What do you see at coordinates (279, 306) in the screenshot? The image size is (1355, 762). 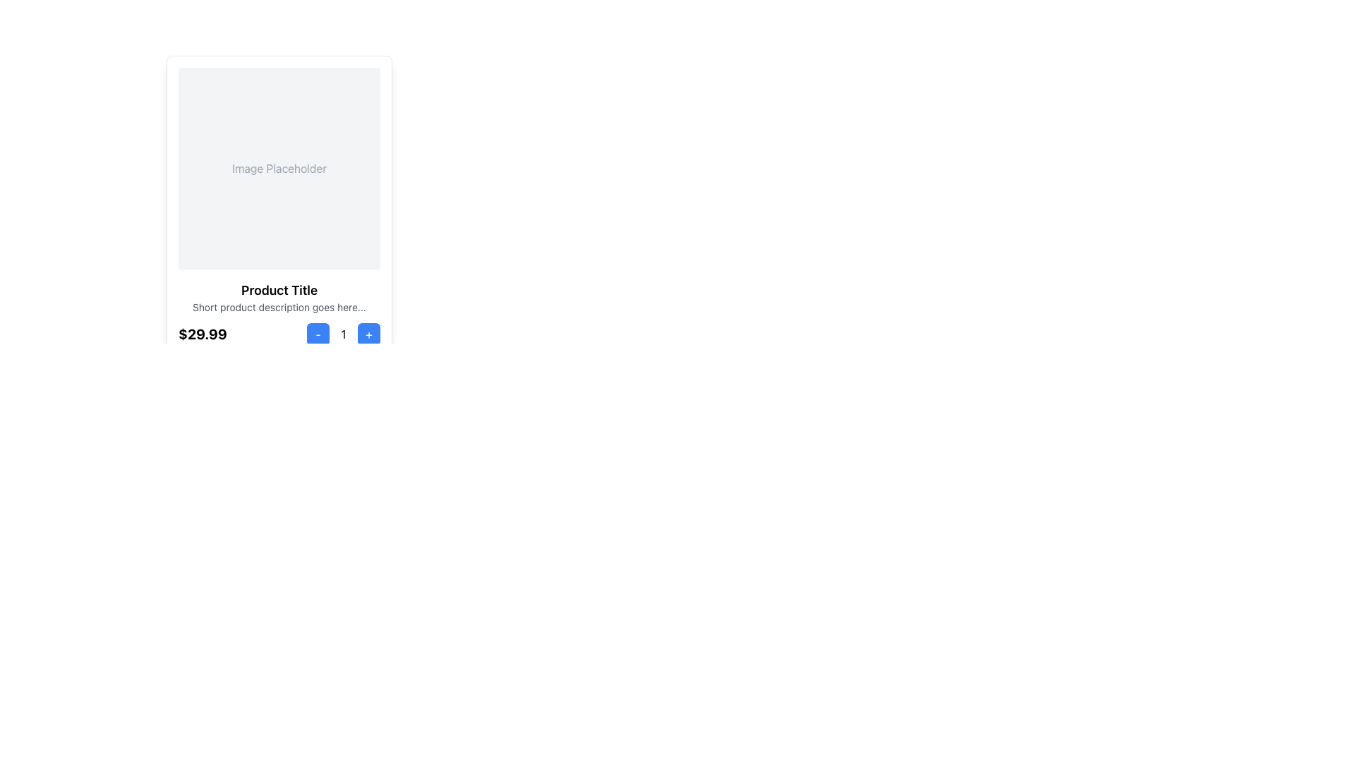 I see `textual description of the element styled in a smaller font size and light gray color located directly below the 'Product Title' in the interface` at bounding box center [279, 306].